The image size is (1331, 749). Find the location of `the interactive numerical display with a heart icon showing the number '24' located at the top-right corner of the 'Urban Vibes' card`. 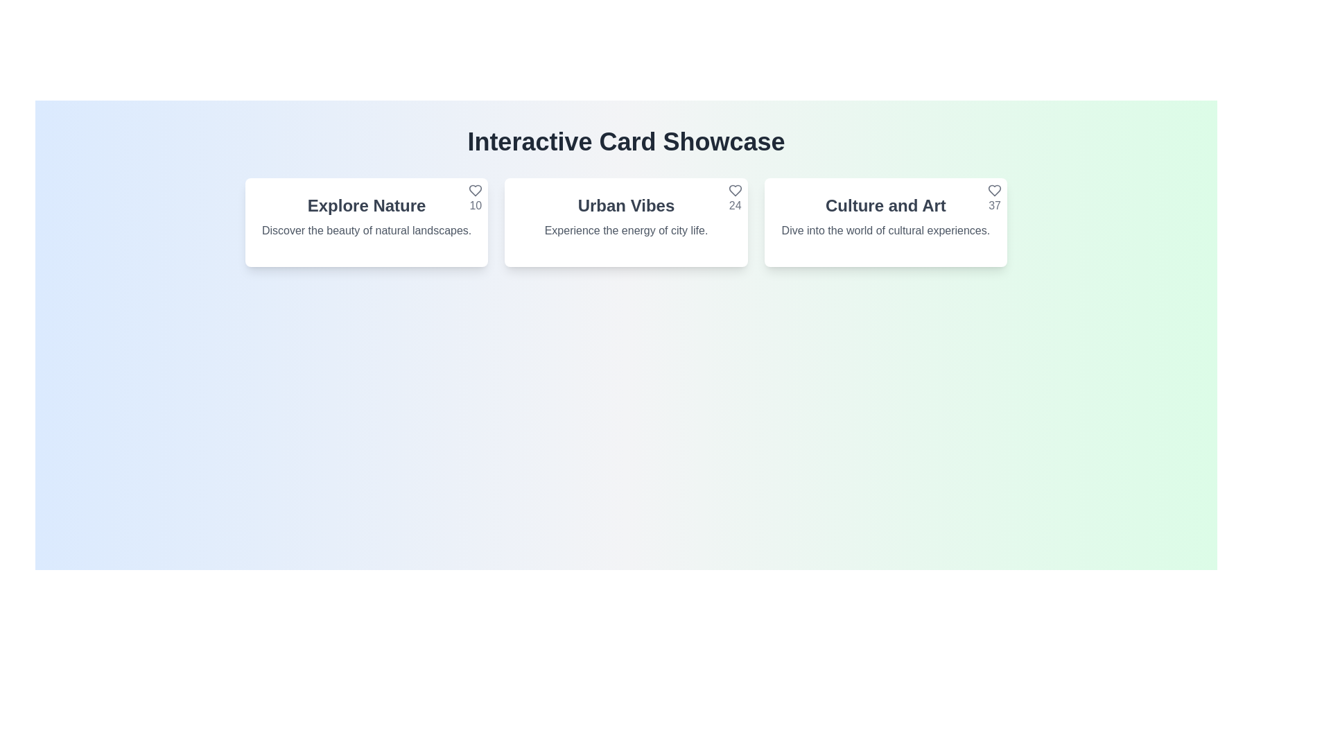

the interactive numerical display with a heart icon showing the number '24' located at the top-right corner of the 'Urban Vibes' card is located at coordinates (734, 198).